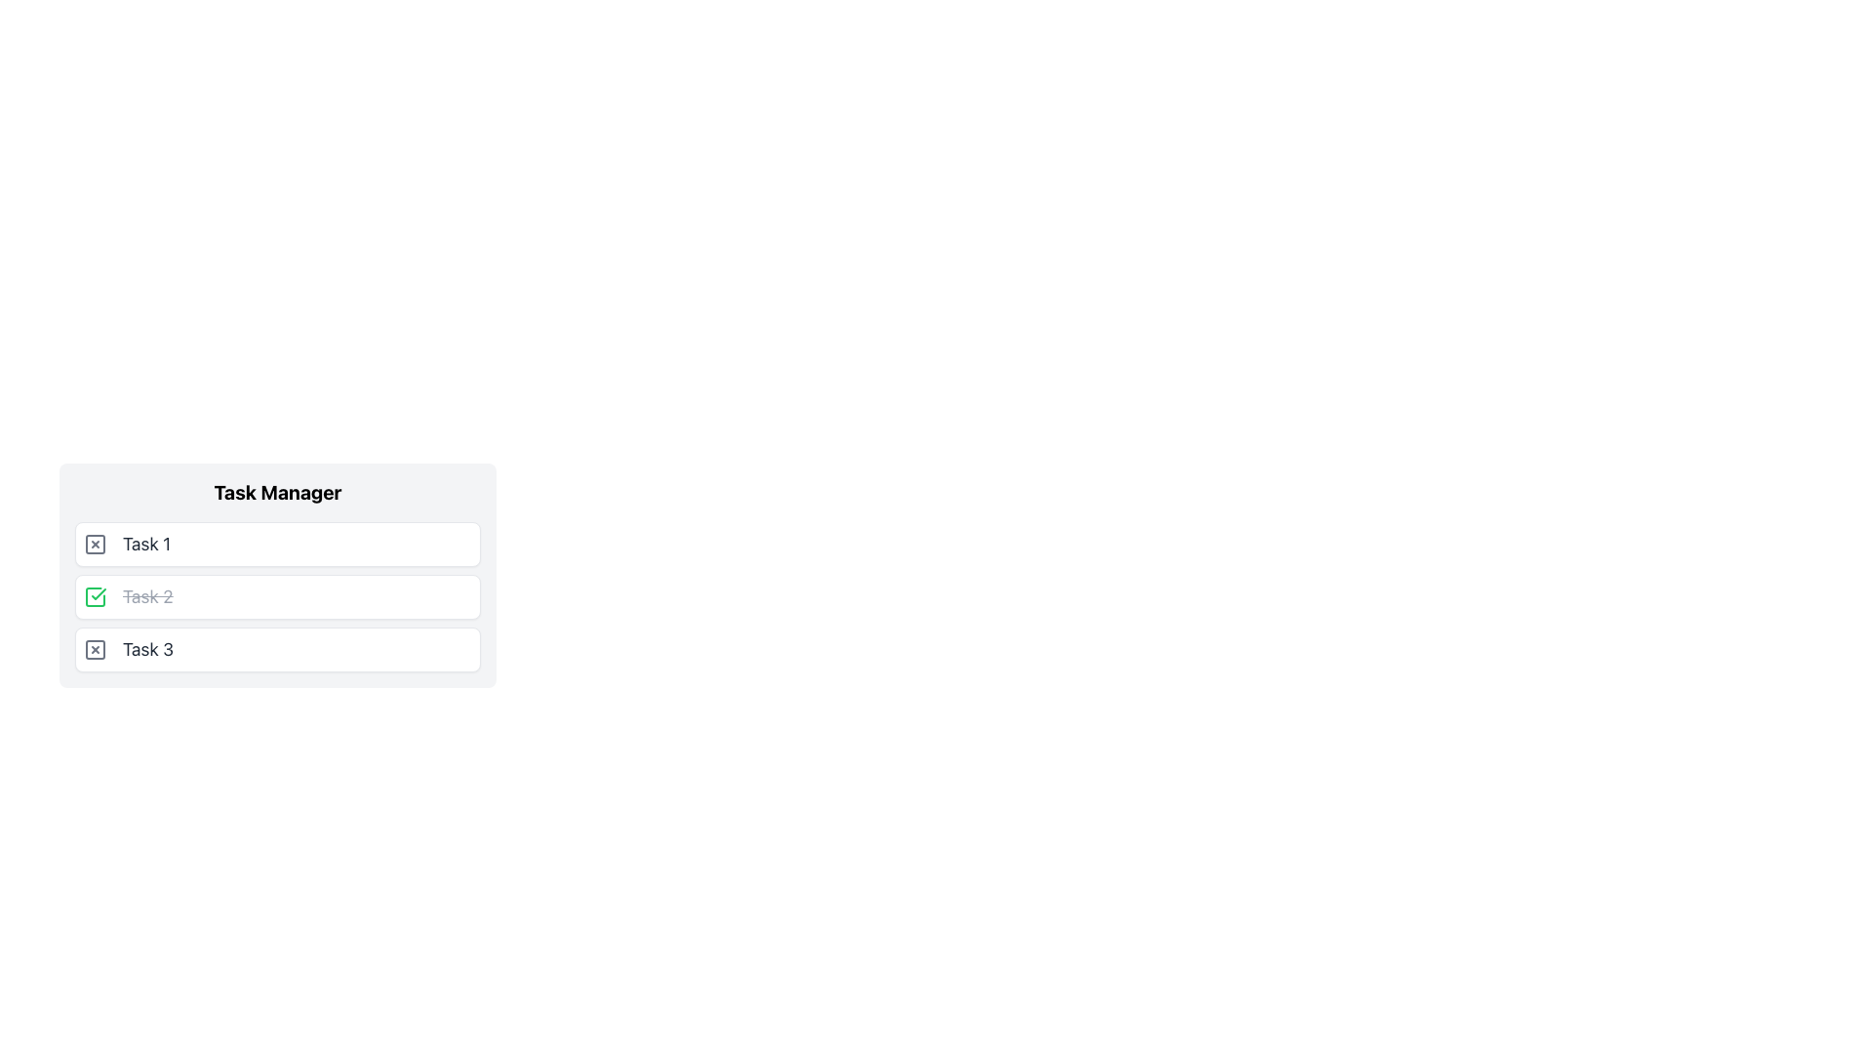 The width and height of the screenshot is (1873, 1054). Describe the element at coordinates (94, 650) in the screenshot. I see `the delete button located in the third row of the task list, to the left of the label 'Task 3'` at that location.